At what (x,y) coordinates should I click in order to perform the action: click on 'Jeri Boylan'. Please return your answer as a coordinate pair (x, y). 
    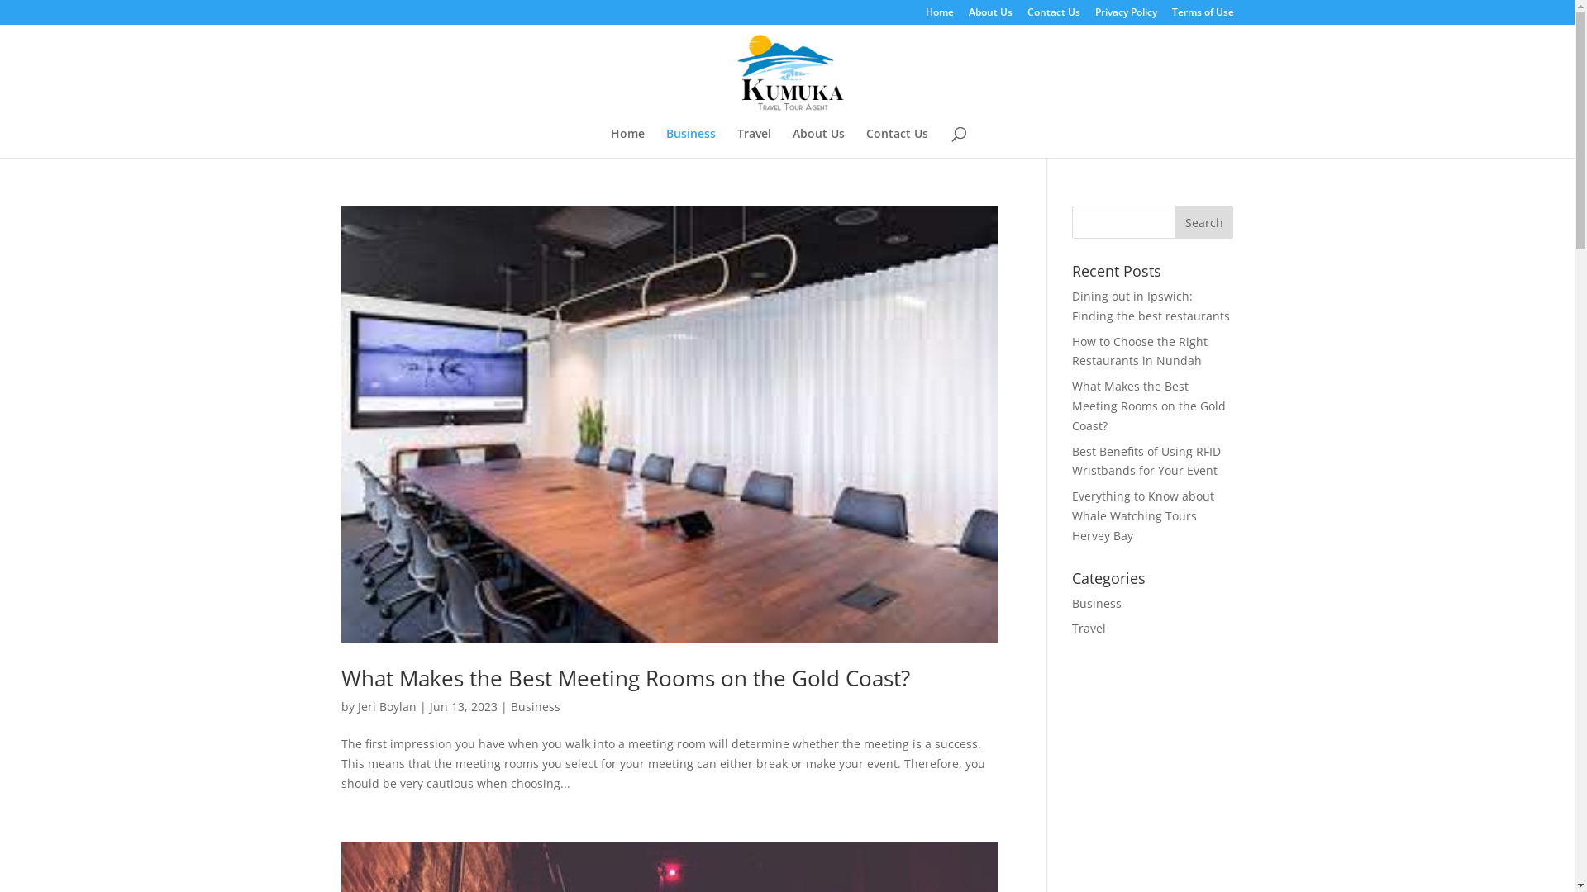
    Looking at the image, I should click on (356, 706).